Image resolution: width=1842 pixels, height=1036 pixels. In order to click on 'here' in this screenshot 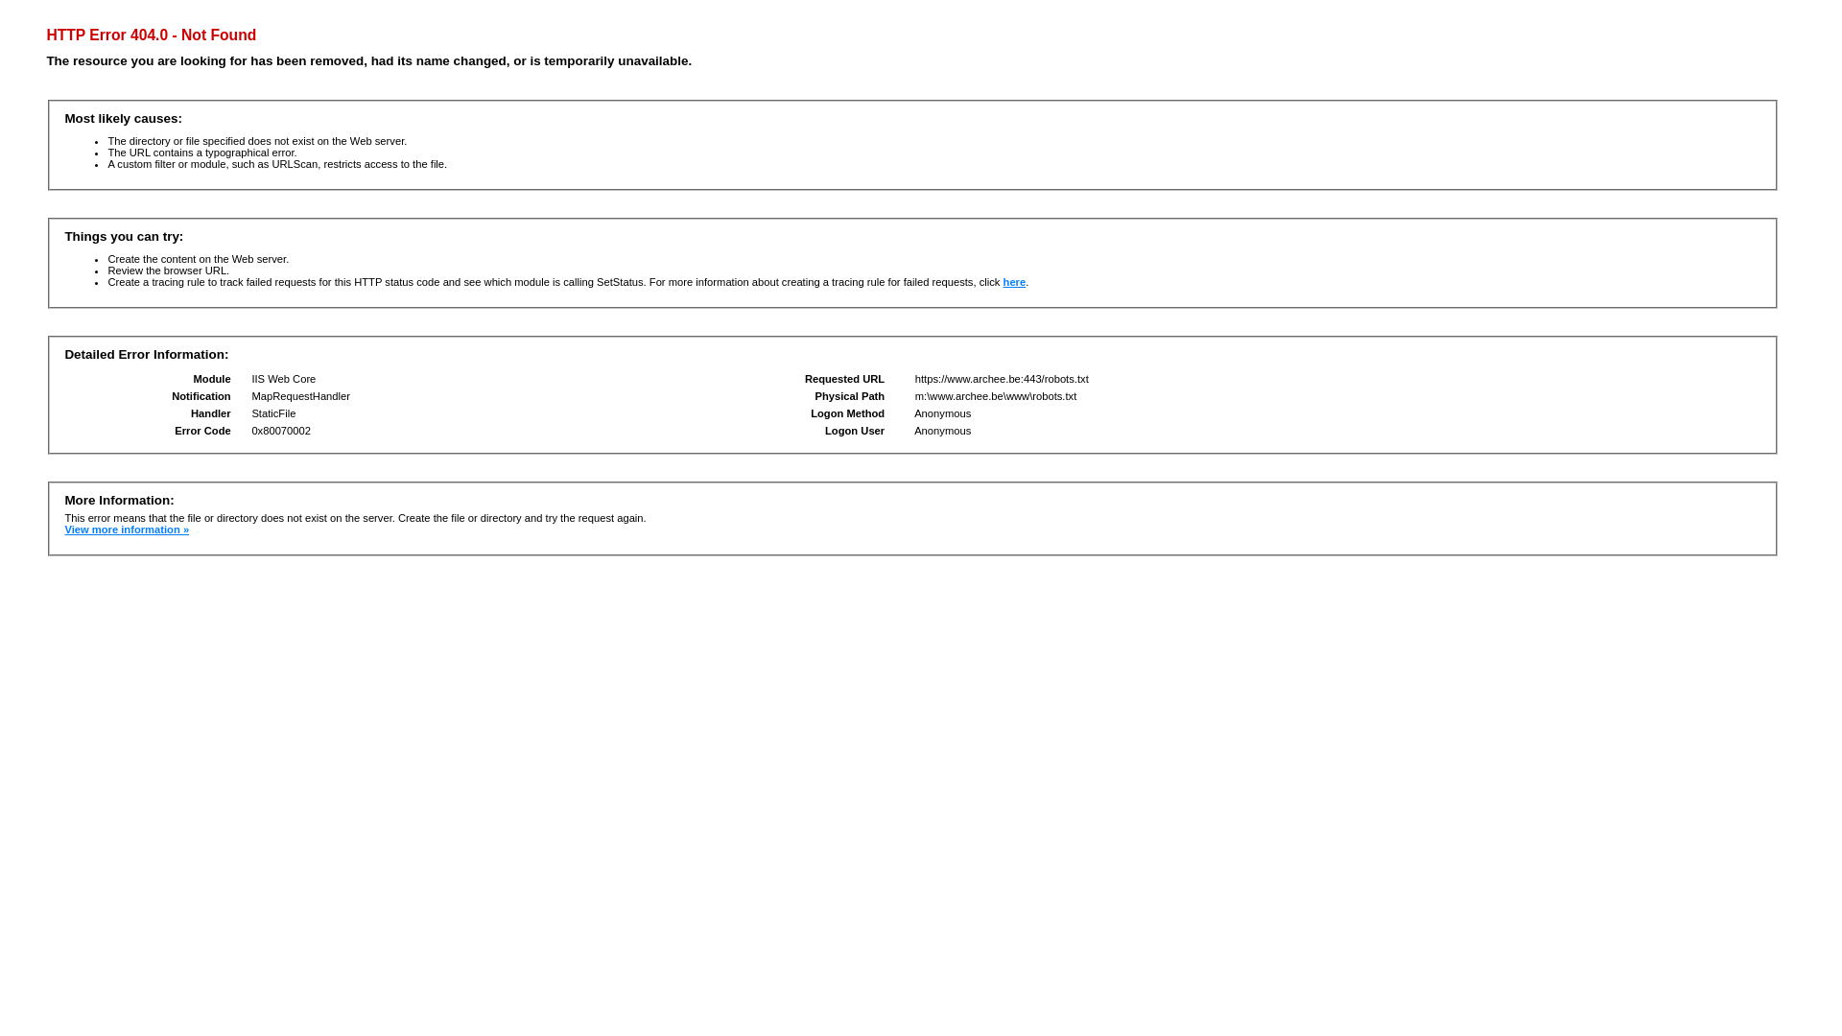, I will do `click(1013, 281)`.